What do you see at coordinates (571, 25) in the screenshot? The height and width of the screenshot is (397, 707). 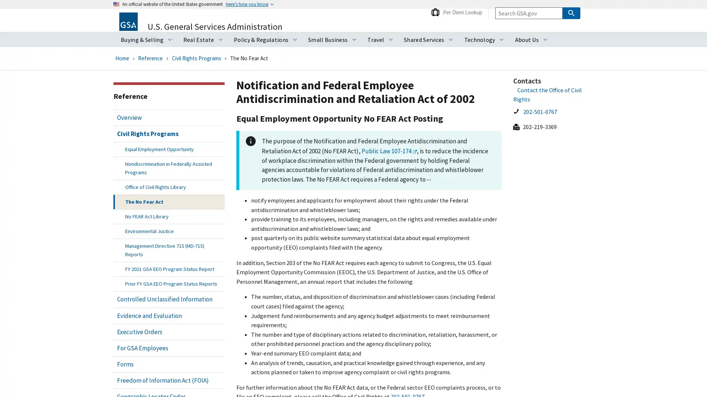 I see `Search` at bounding box center [571, 25].